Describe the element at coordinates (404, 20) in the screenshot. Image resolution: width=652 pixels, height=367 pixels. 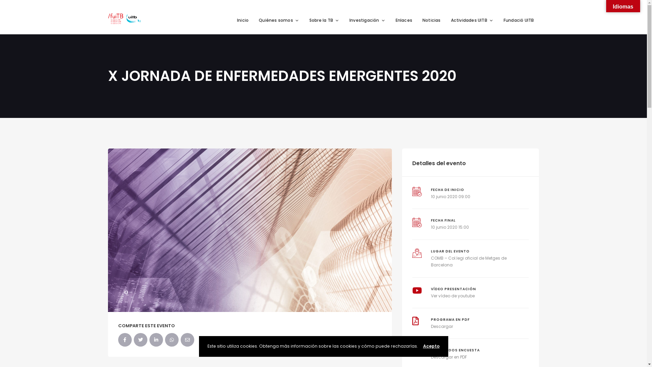
I see `'Enlaces'` at that location.